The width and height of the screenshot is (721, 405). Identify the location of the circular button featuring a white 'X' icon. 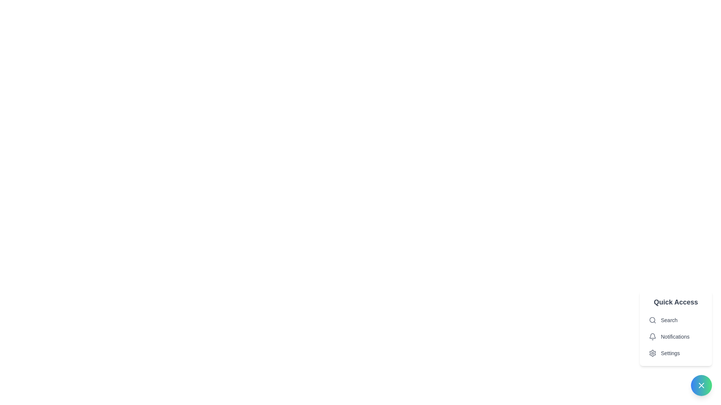
(701, 385).